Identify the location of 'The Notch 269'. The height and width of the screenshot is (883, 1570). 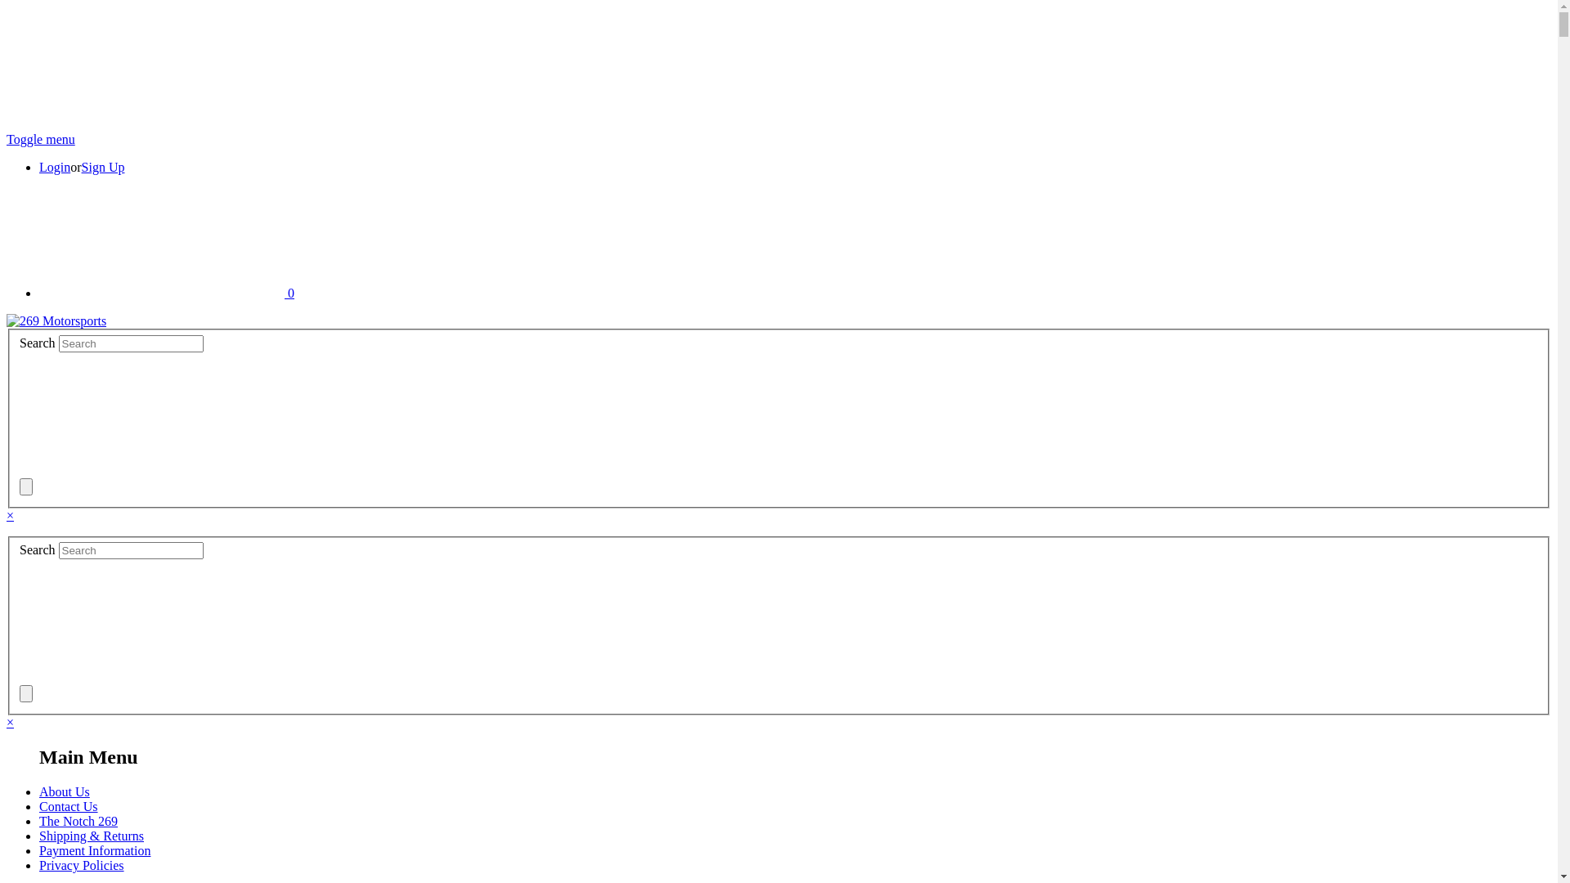
(78, 821).